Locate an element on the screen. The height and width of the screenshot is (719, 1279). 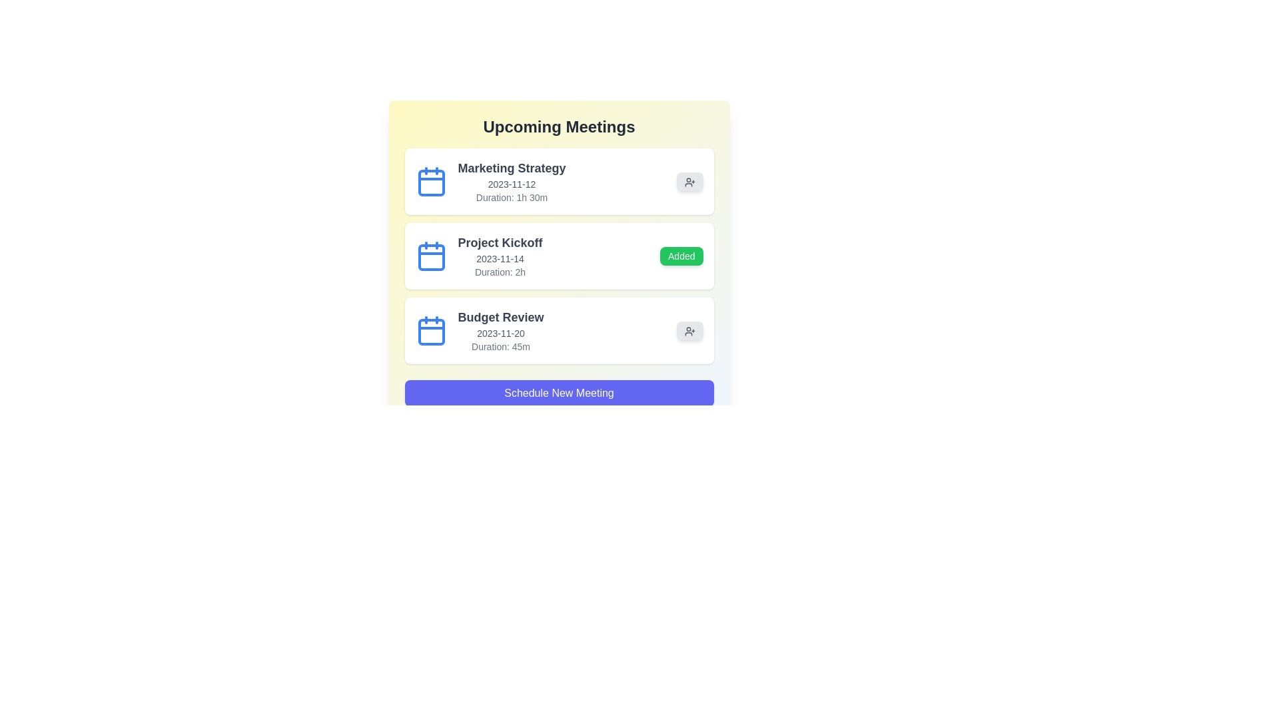
the meeting item corresponding to Marketing Strategy is located at coordinates (559, 182).